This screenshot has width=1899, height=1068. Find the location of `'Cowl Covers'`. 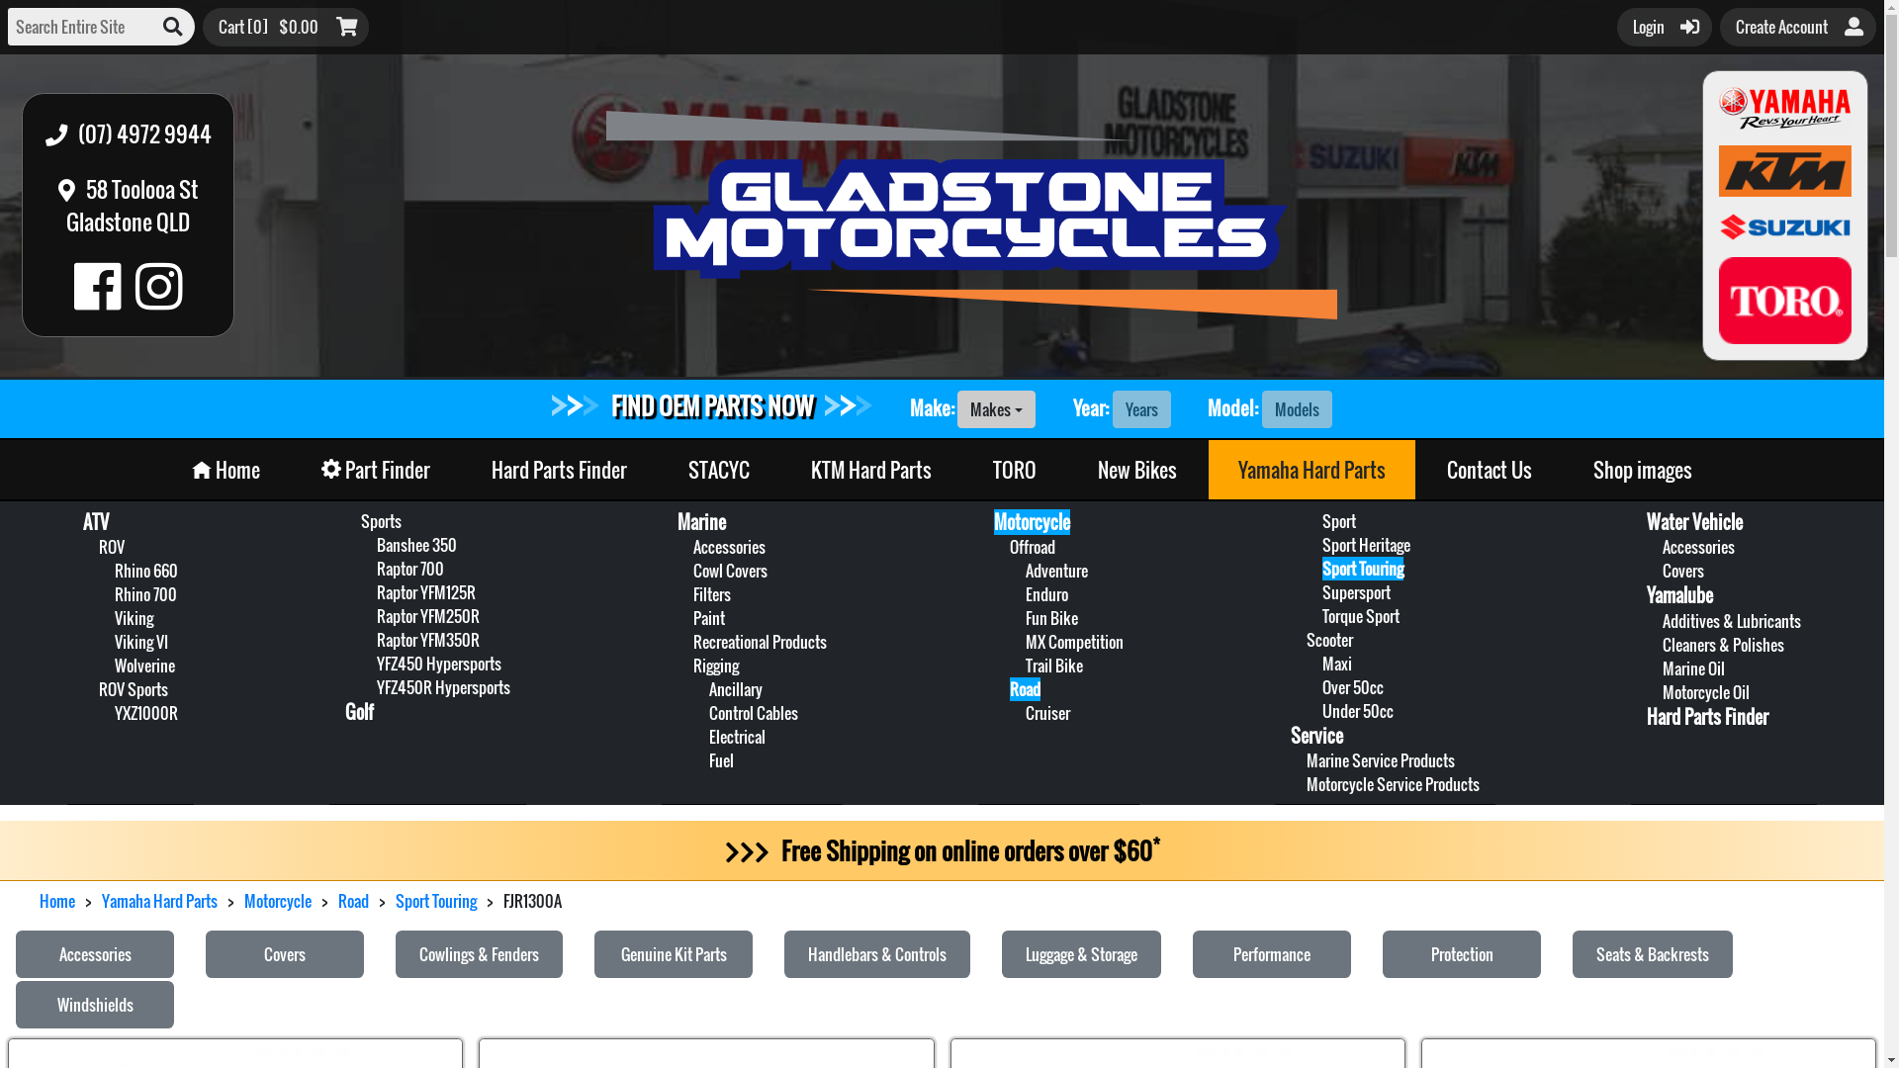

'Cowl Covers' is located at coordinates (692, 571).